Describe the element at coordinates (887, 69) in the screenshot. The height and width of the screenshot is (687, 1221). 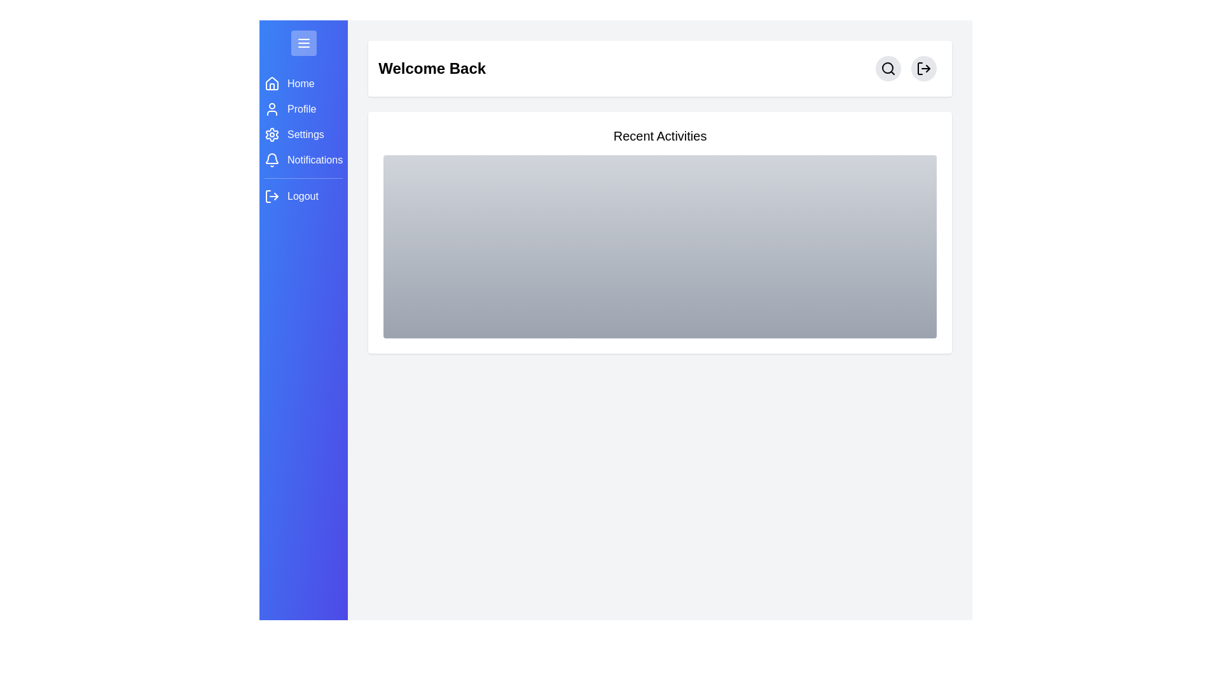
I see `the search icon located at the top right corner of the header section, which is contained within a rounded rectangle with a gray background` at that location.